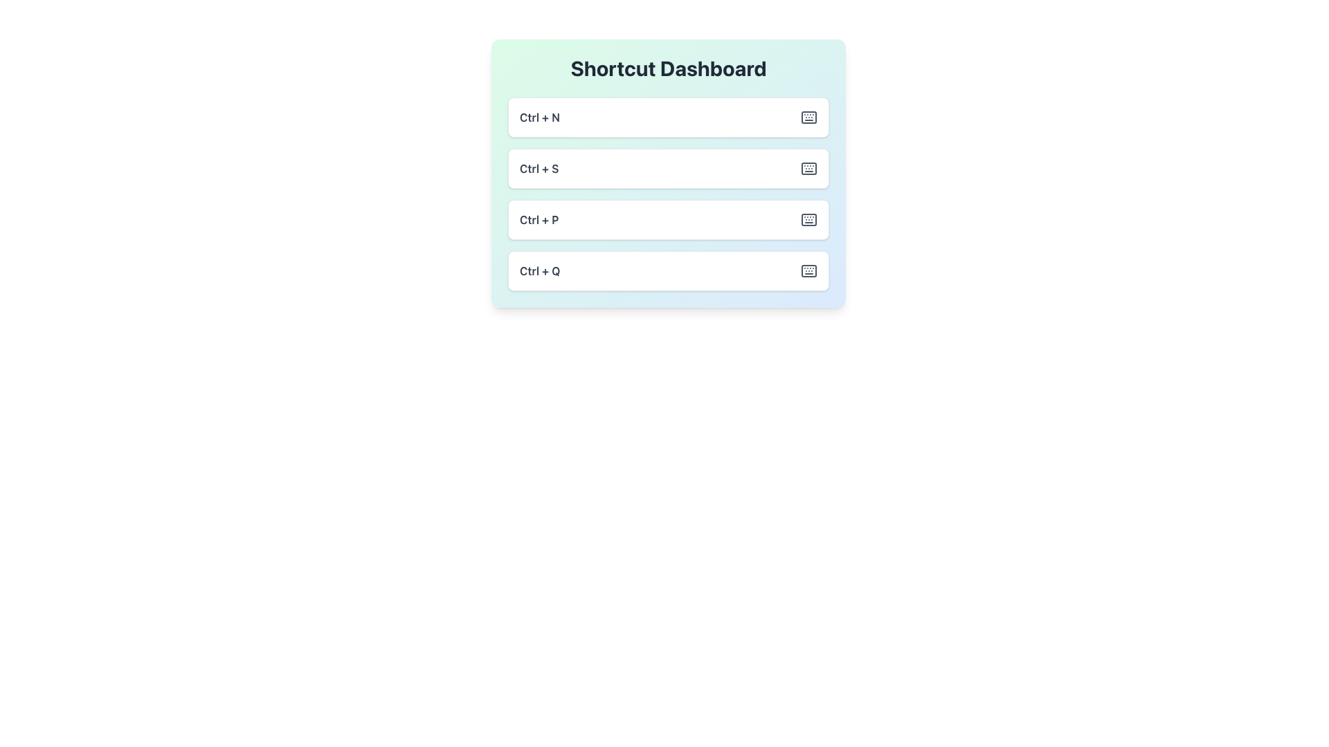 Image resolution: width=1329 pixels, height=747 pixels. Describe the element at coordinates (809, 271) in the screenshot. I see `the keyboard shortcut indicator icon located on the right side of the bottommost button in the Shortcut Dashboard UI, aligned with the text 'Ctrl + Q'` at that location.